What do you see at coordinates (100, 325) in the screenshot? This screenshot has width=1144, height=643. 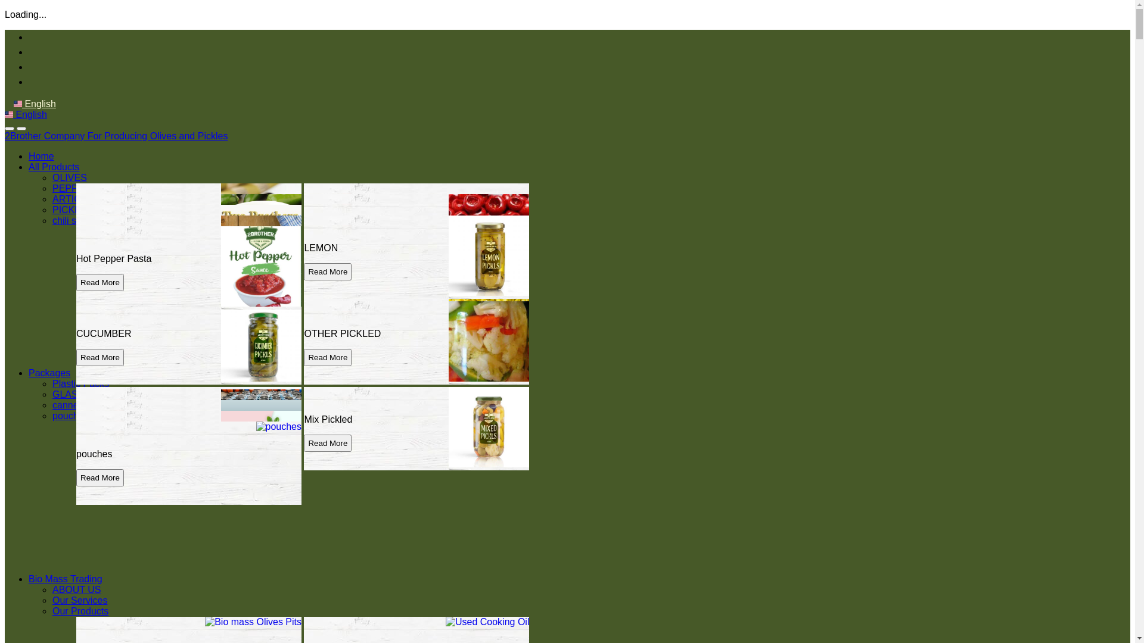 I see `'Read More'` at bounding box center [100, 325].